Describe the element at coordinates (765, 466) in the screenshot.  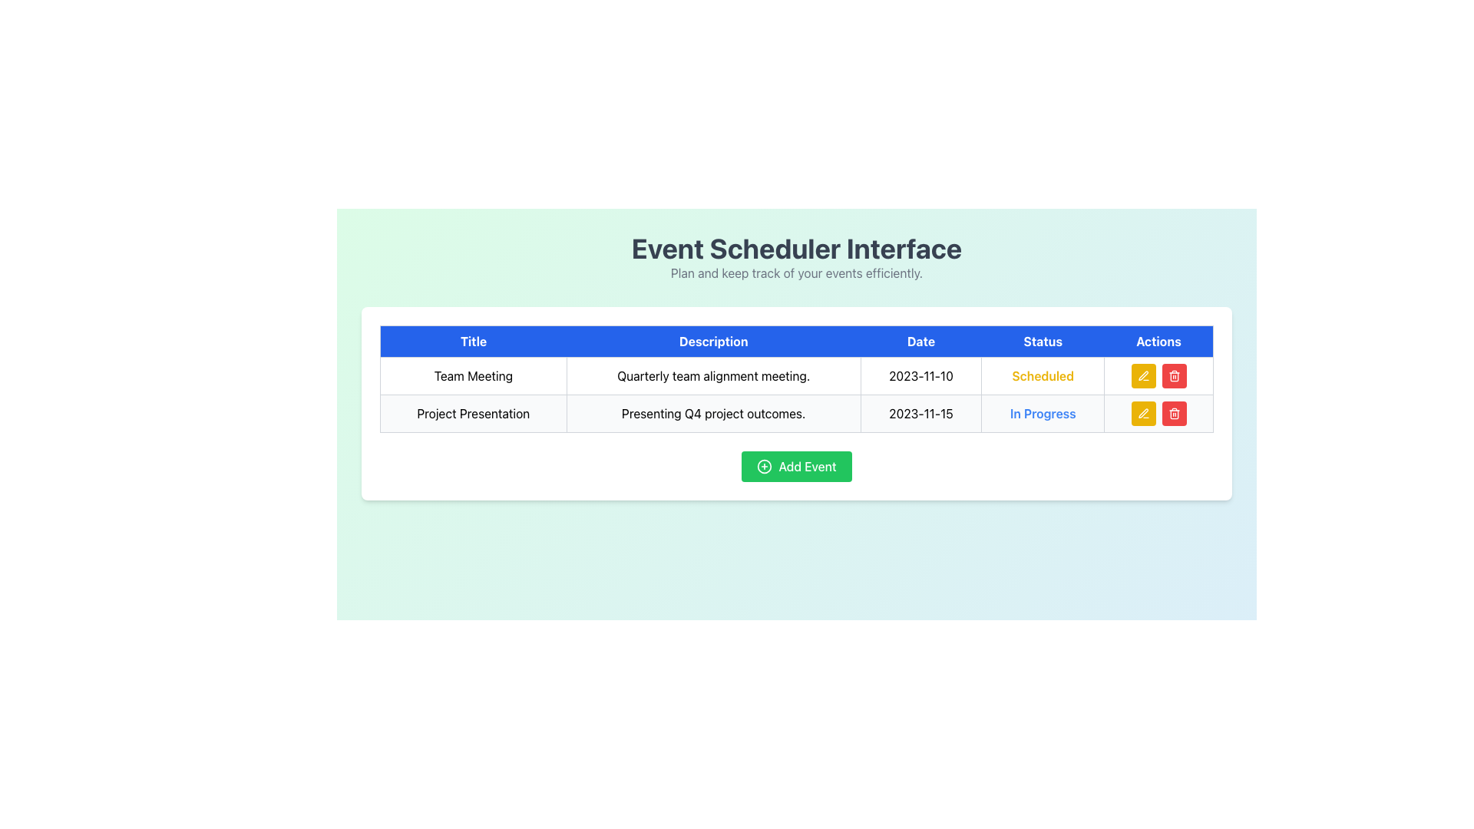
I see `the green 'Add Event' button surrounding the SVG circle element that forms the base of the plus icon positioned at the center of the button` at that location.